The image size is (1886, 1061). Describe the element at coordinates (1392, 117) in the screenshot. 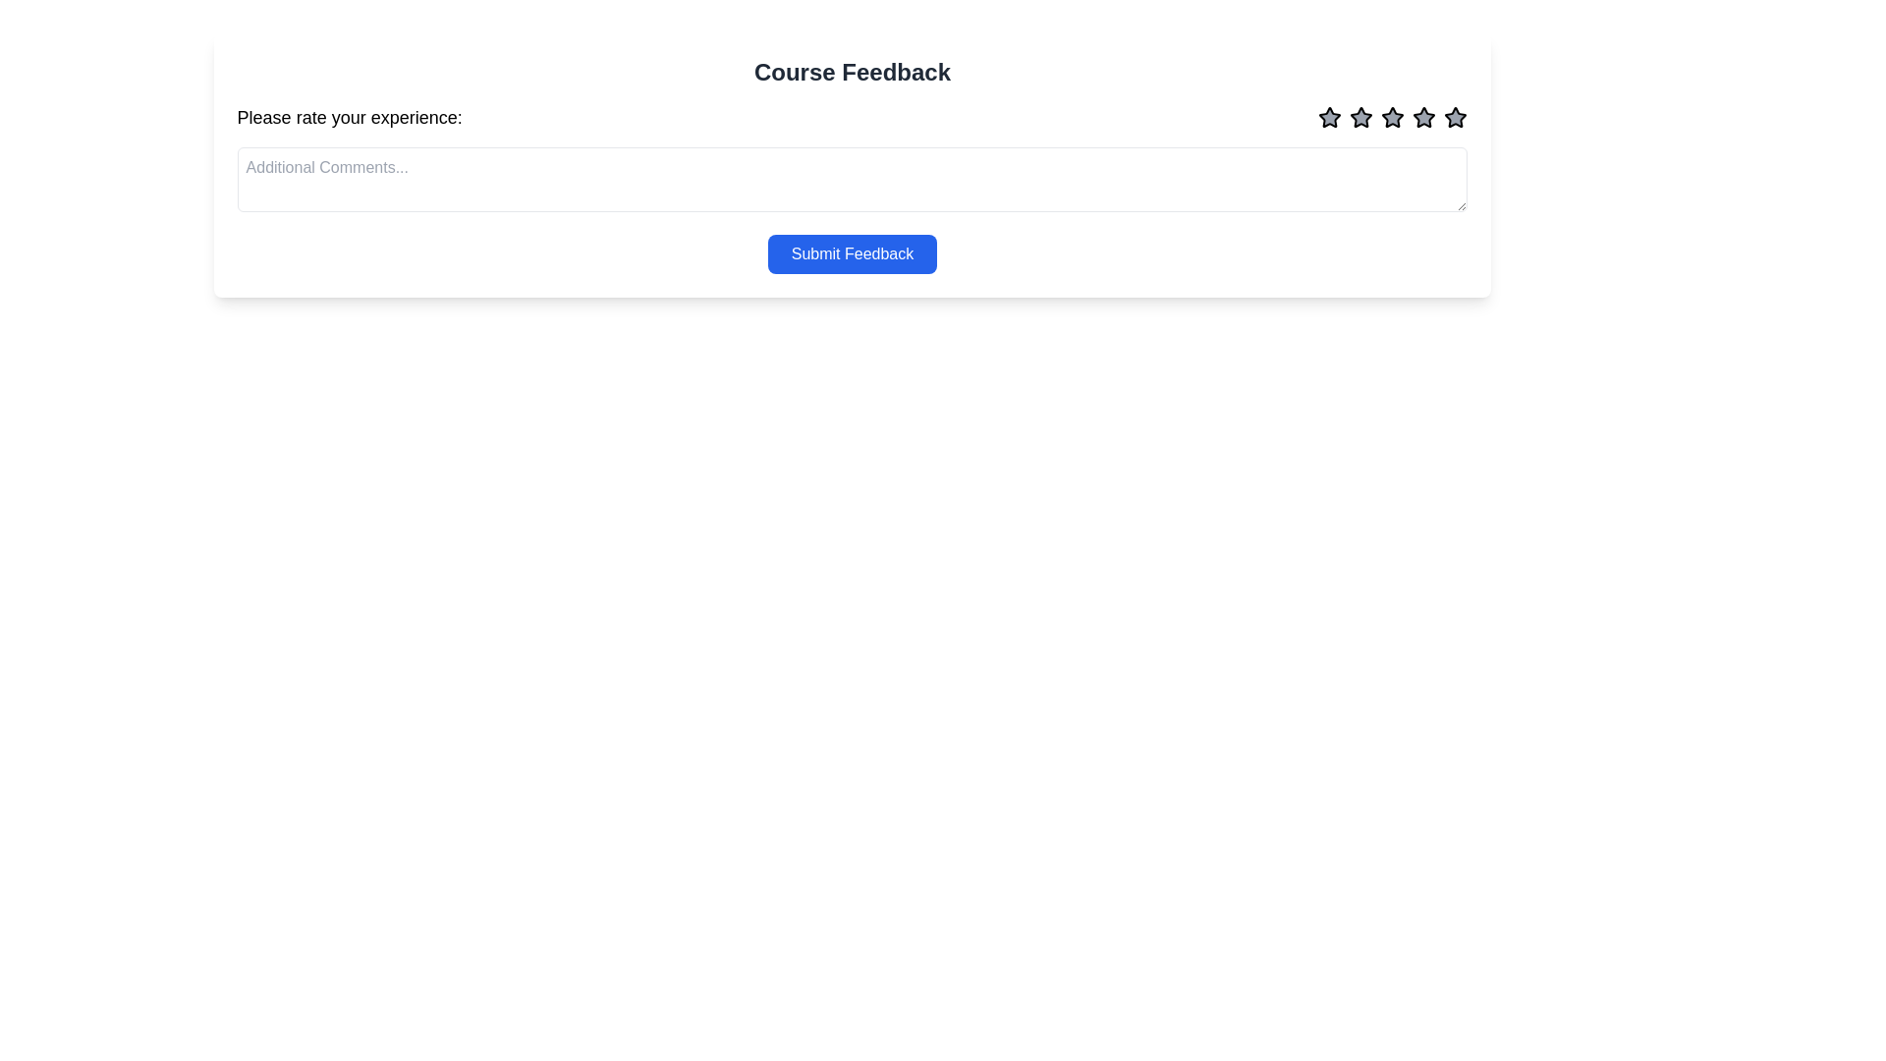

I see `the fourth star-shaped rating icon, which is a gray fill with black outline` at that location.